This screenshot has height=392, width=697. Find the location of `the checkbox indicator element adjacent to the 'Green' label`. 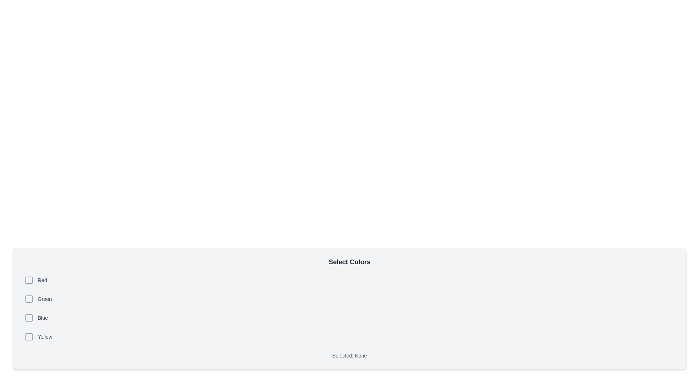

the checkbox indicator element adjacent to the 'Green' label is located at coordinates (29, 299).